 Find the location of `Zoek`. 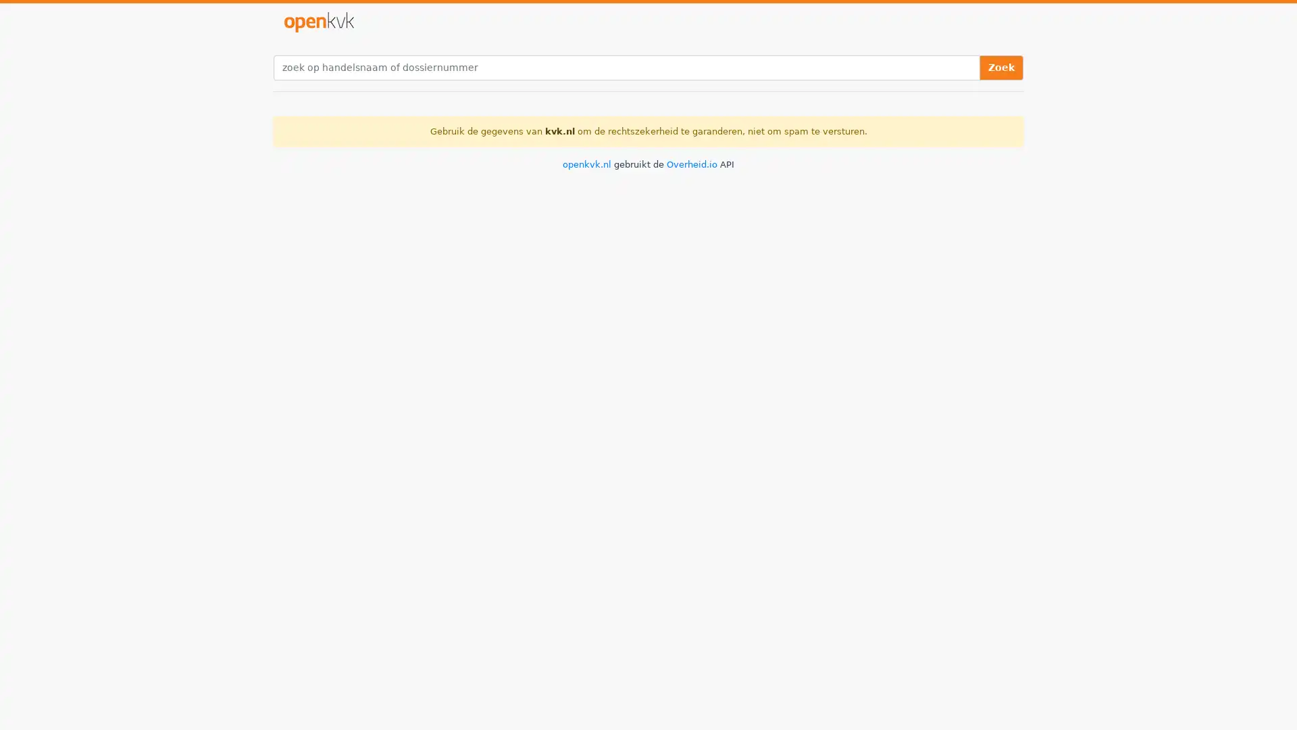

Zoek is located at coordinates (1001, 67).